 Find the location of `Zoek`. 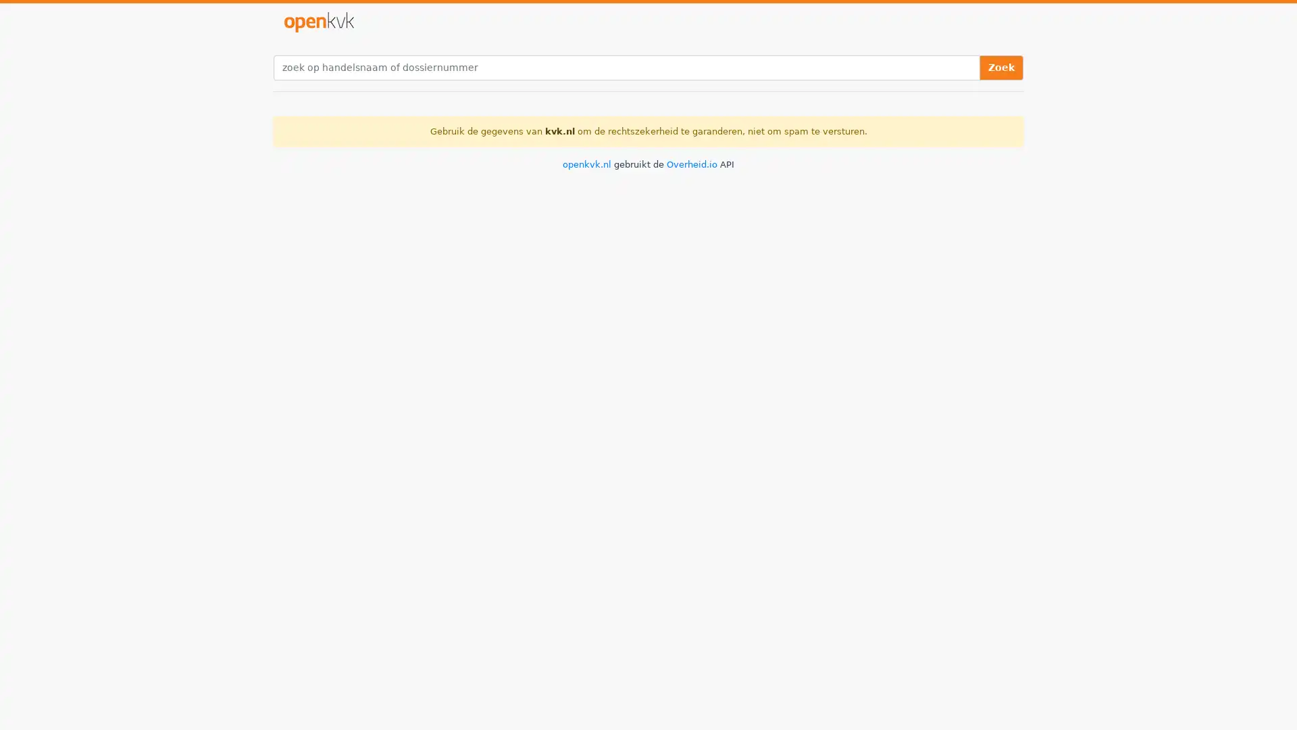

Zoek is located at coordinates (1001, 67).